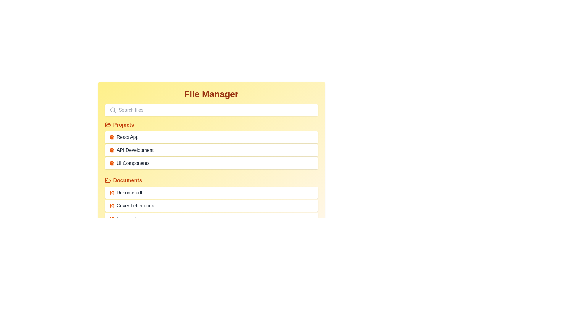 This screenshot has height=319, width=568. What do you see at coordinates (211, 163) in the screenshot?
I see `the file named UI Components to select it` at bounding box center [211, 163].